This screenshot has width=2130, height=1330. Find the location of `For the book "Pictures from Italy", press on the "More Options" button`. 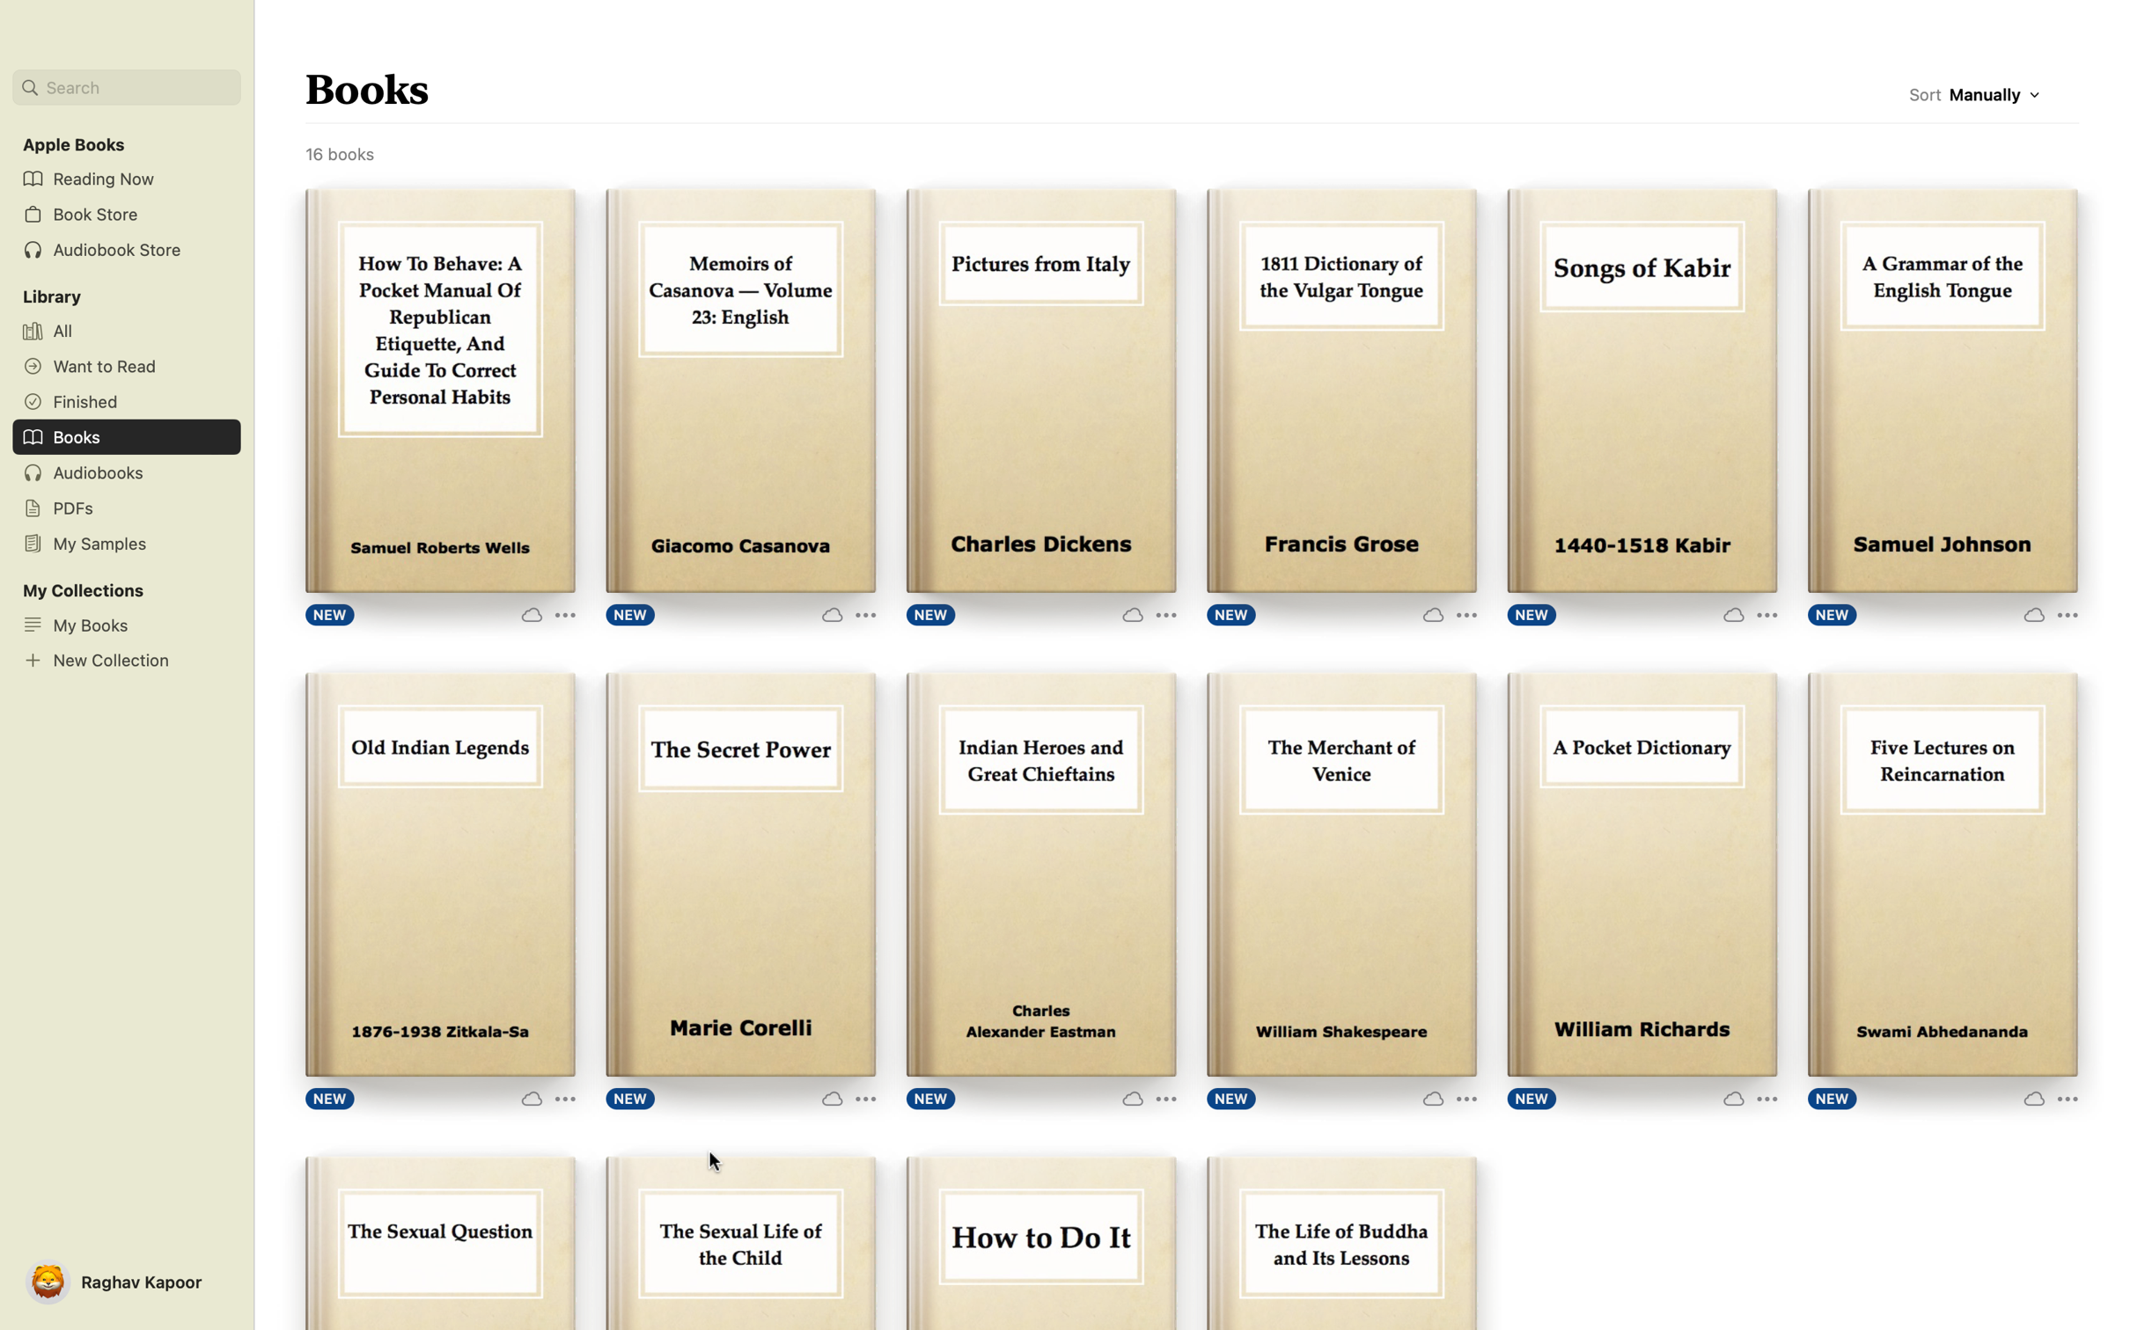

For the book "Pictures from Italy", press on the "More Options" button is located at coordinates (1145, 613).